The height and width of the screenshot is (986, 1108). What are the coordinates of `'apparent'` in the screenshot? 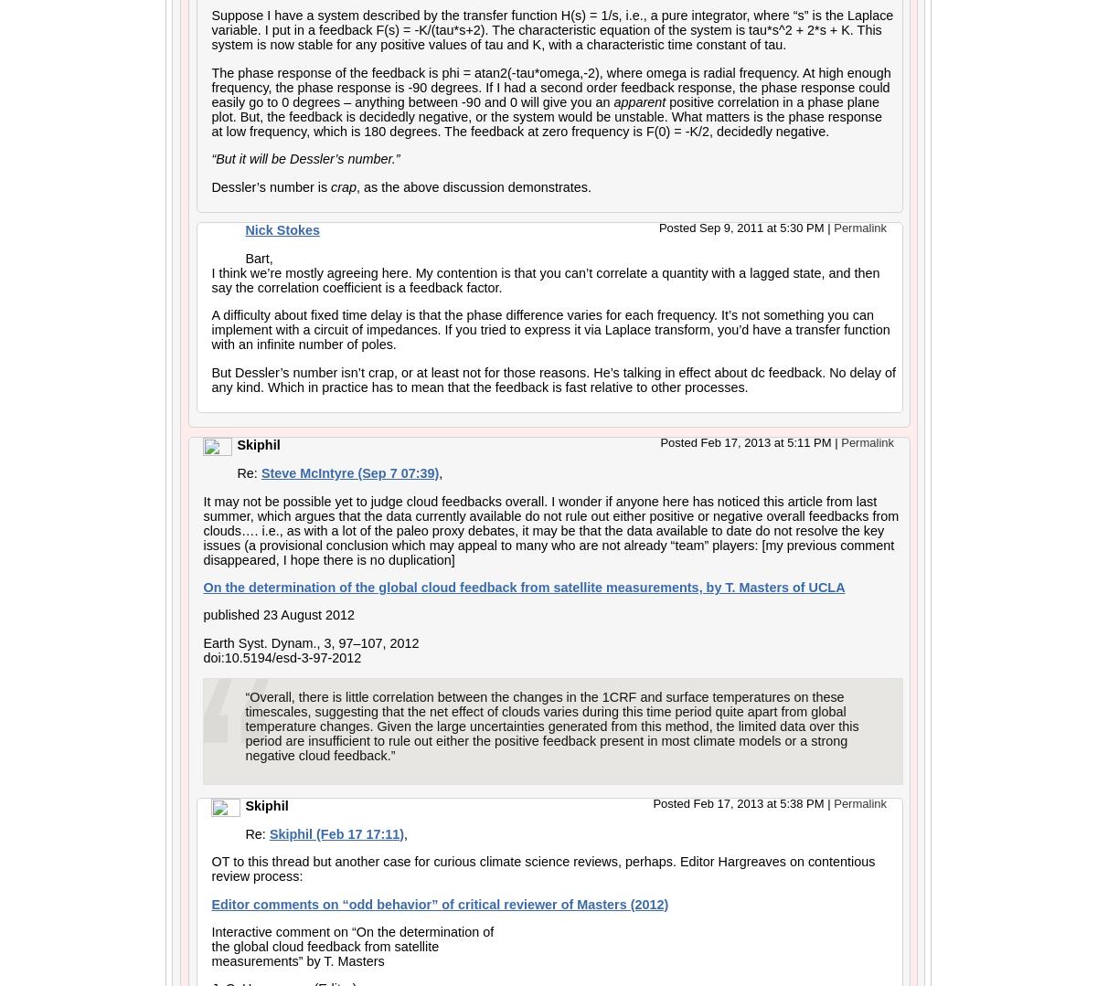 It's located at (639, 101).